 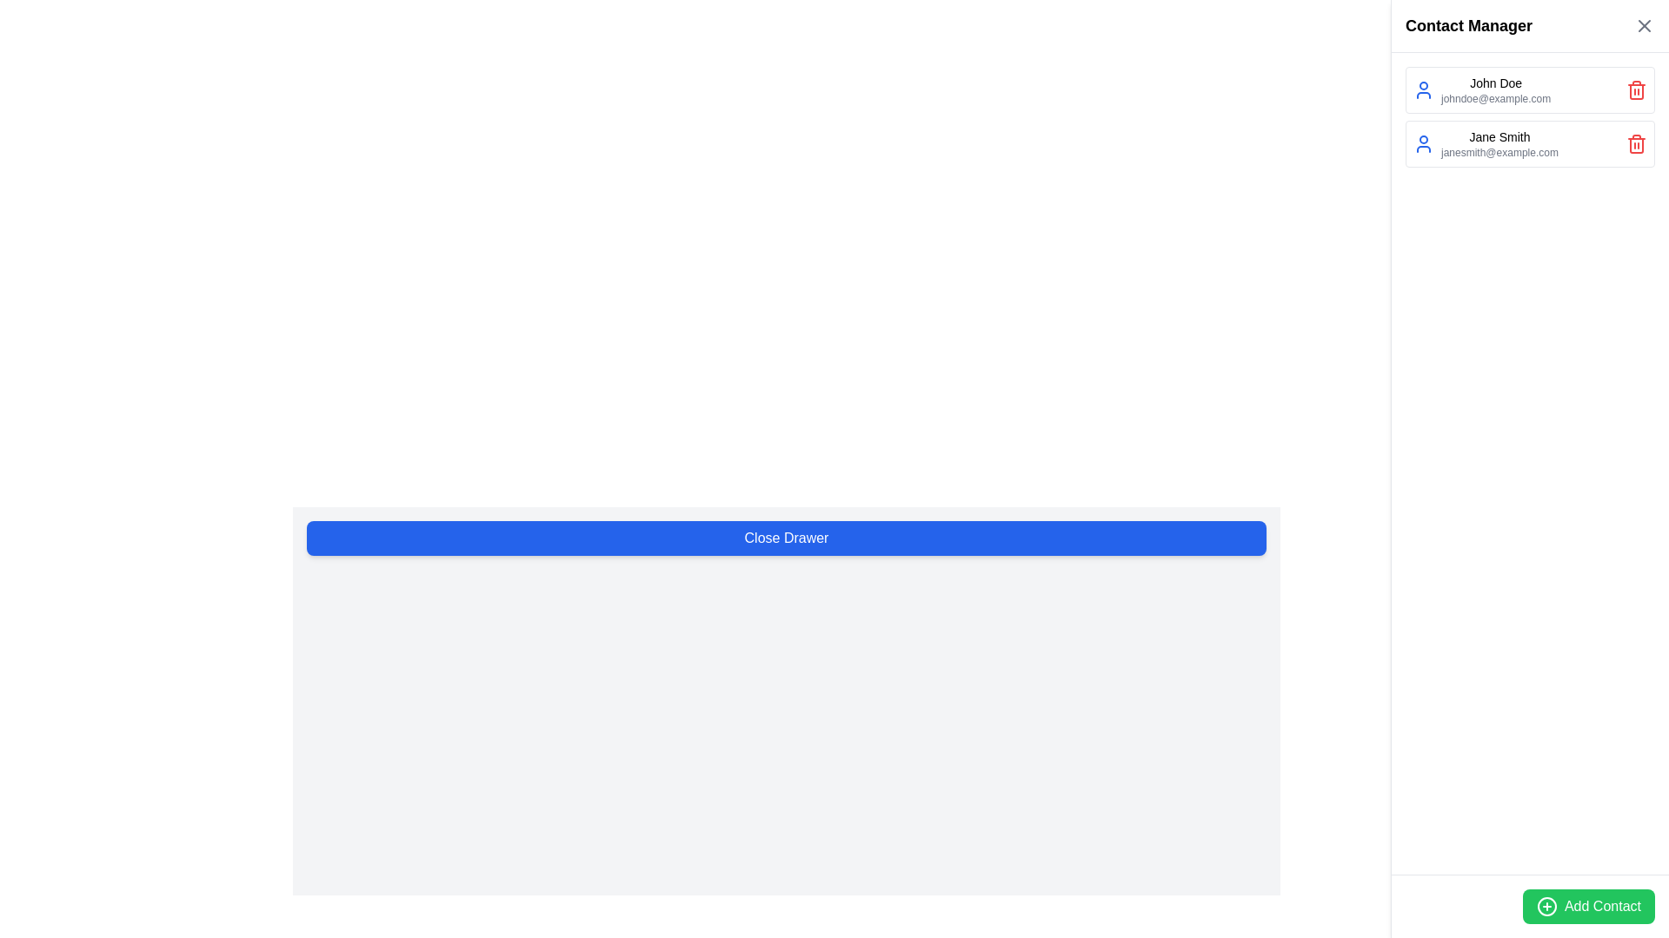 What do you see at coordinates (1481, 90) in the screenshot?
I see `the contact entry represented by a text block with a blue user icon on the left and a red delete button on the right` at bounding box center [1481, 90].